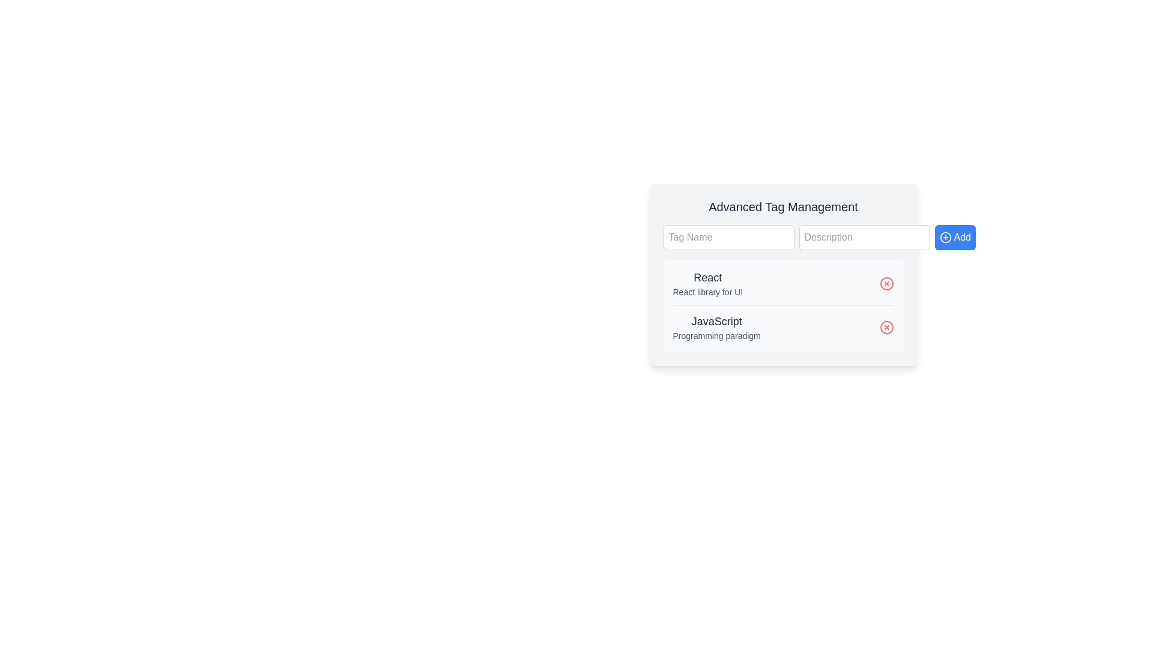  What do you see at coordinates (945, 238) in the screenshot?
I see `the 'Add' icon located on the right side of the interface` at bounding box center [945, 238].